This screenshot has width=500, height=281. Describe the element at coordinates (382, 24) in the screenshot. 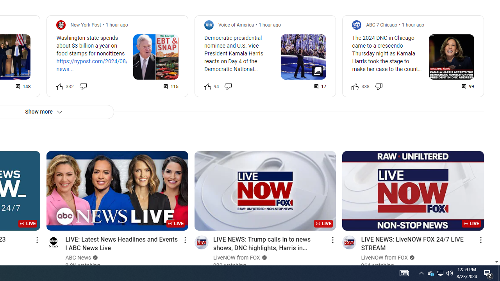

I see `'ABC 7 Chicago'` at that location.